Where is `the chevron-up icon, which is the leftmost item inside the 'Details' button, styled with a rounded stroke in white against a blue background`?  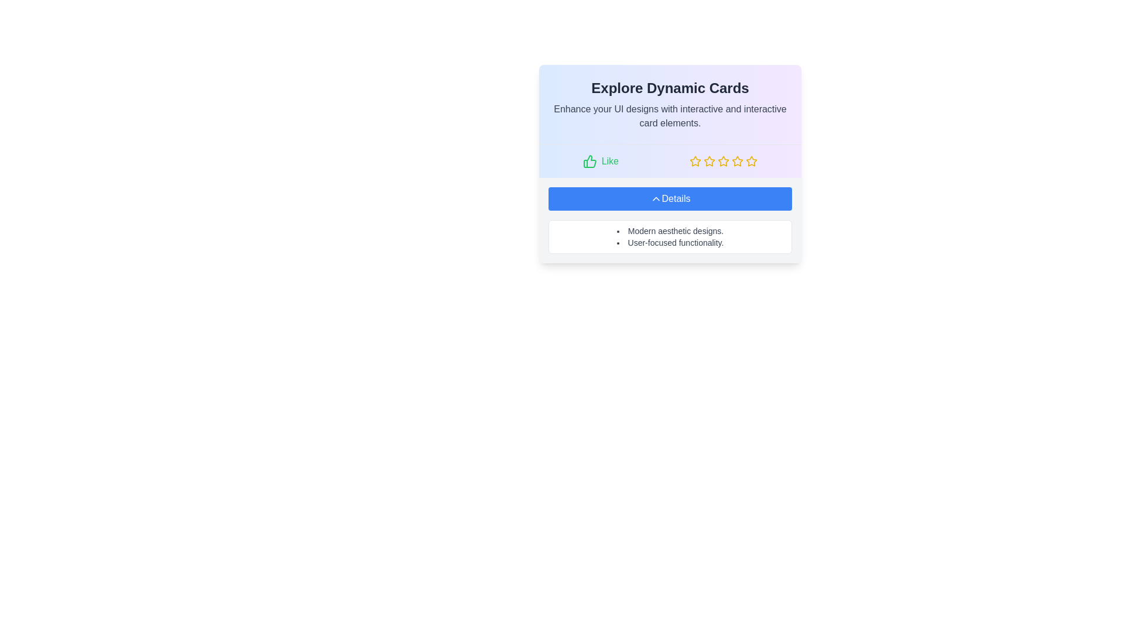
the chevron-up icon, which is the leftmost item inside the 'Details' button, styled with a rounded stroke in white against a blue background is located at coordinates (656, 198).